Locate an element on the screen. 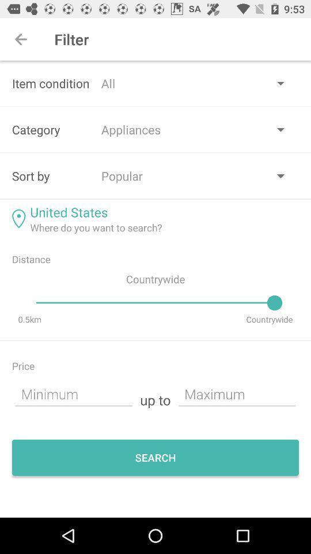  the option search is located at coordinates (155, 458).